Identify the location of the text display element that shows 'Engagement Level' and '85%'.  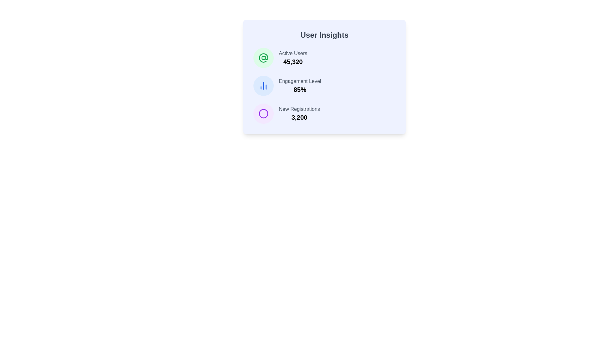
(299, 85).